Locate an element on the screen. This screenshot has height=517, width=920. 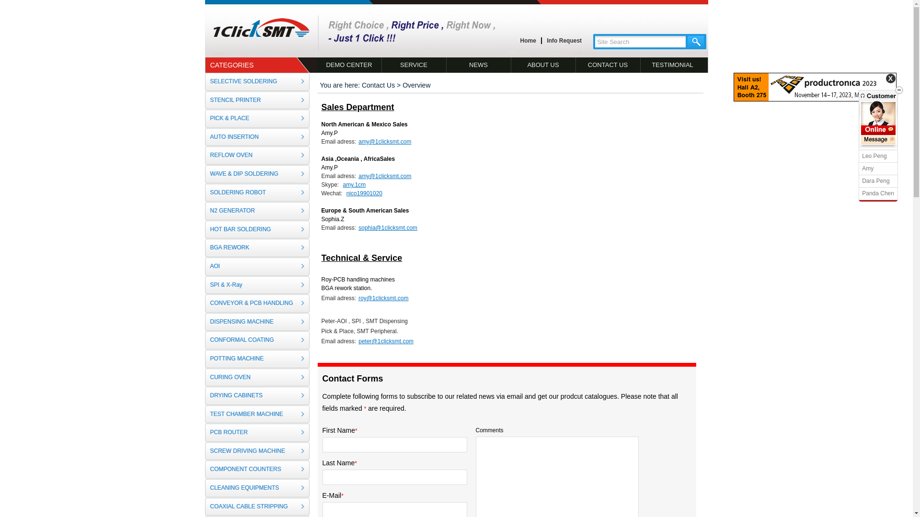
'AOI' is located at coordinates (257, 266).